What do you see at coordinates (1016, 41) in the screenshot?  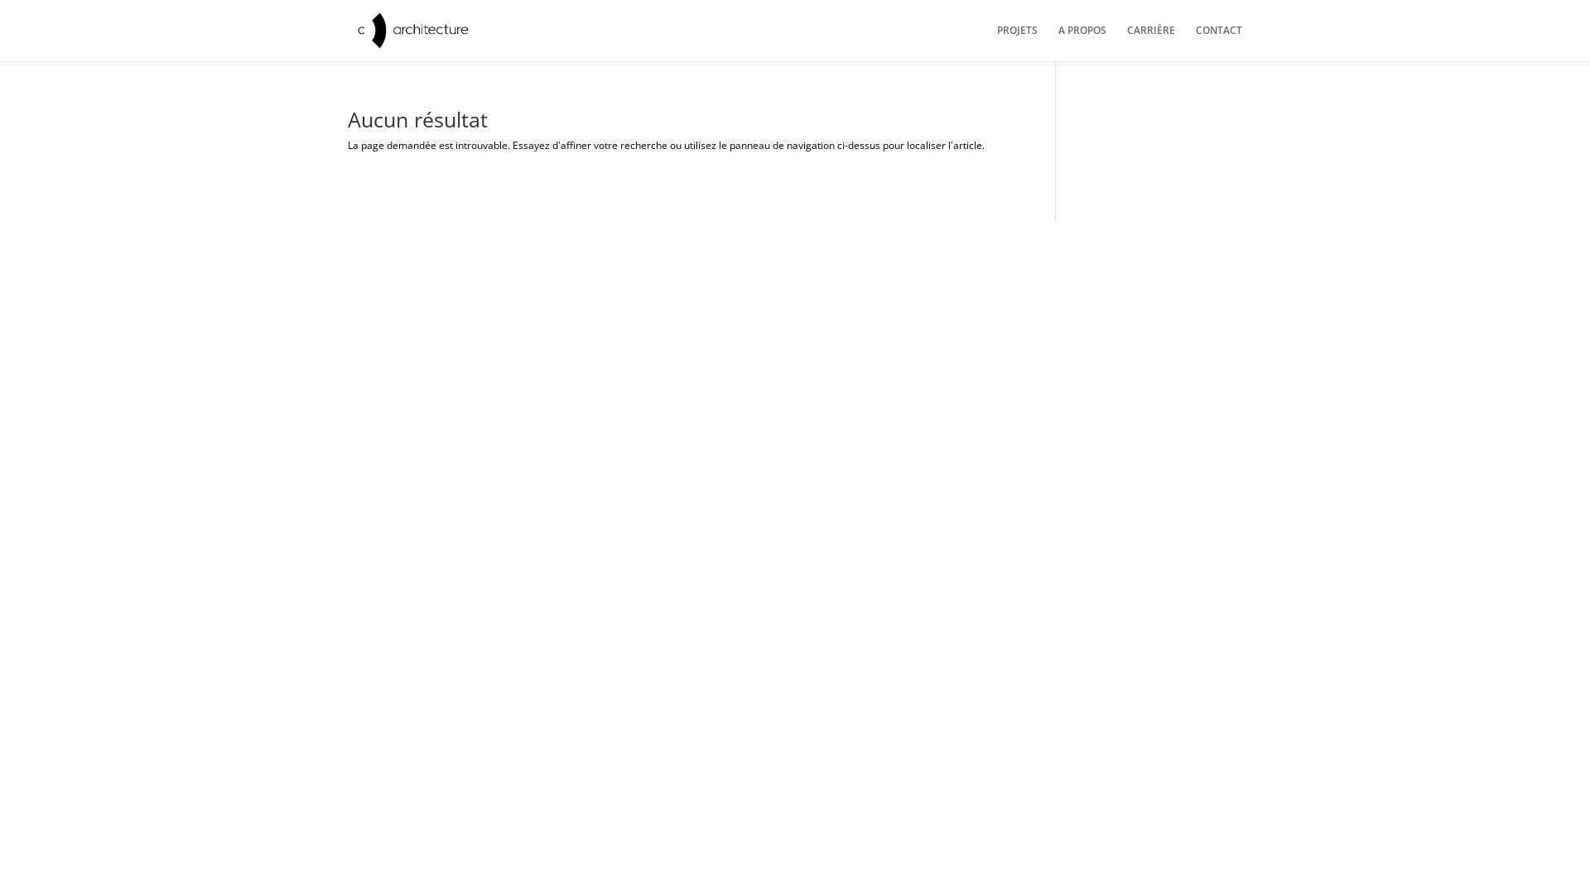 I see `'PROJETS'` at bounding box center [1016, 41].